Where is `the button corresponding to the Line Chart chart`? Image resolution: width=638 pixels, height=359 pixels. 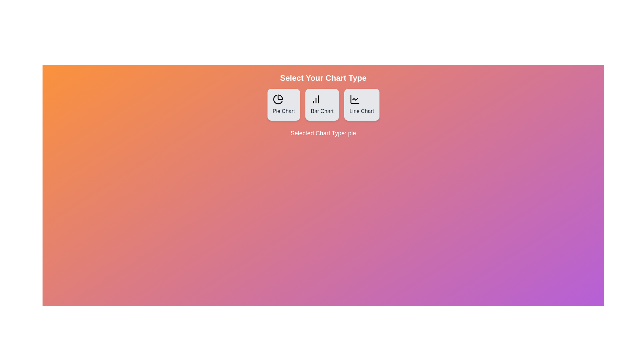 the button corresponding to the Line Chart chart is located at coordinates (362, 105).